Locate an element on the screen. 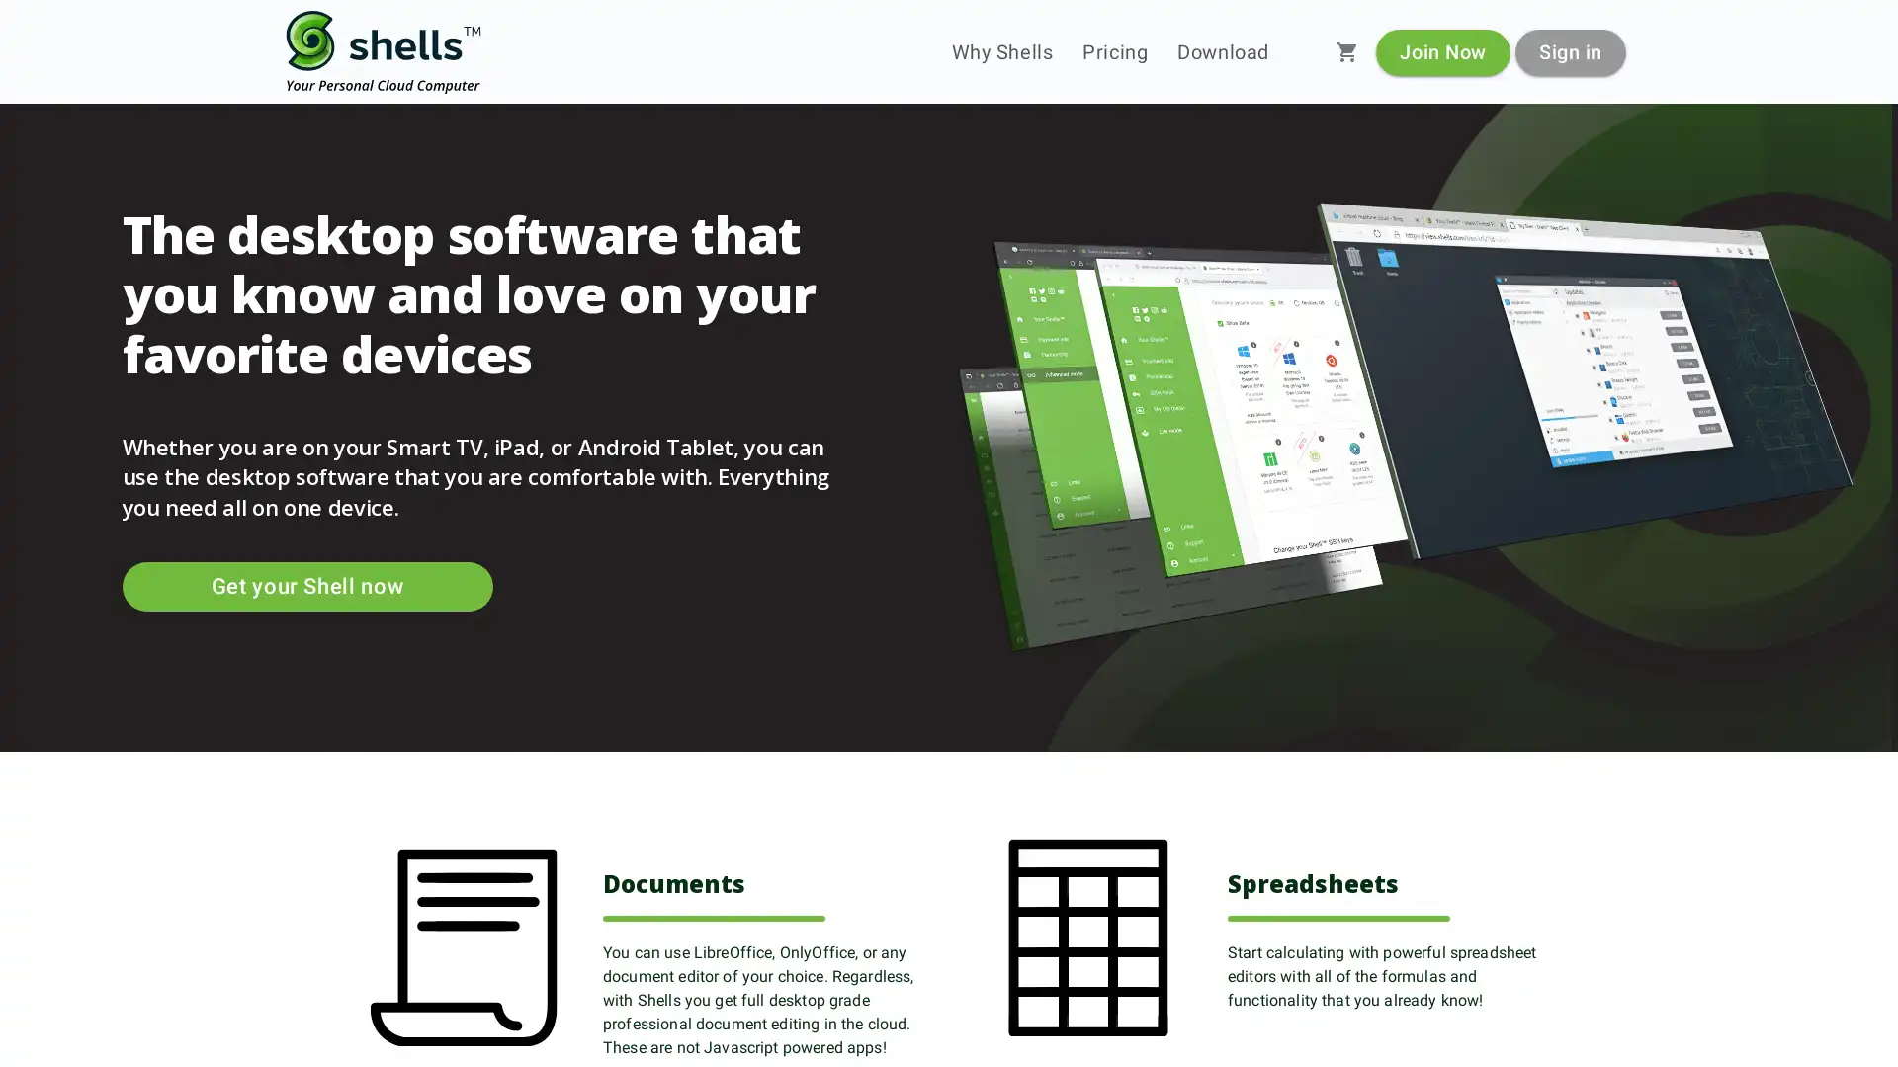  Shells Logo is located at coordinates (384, 51).